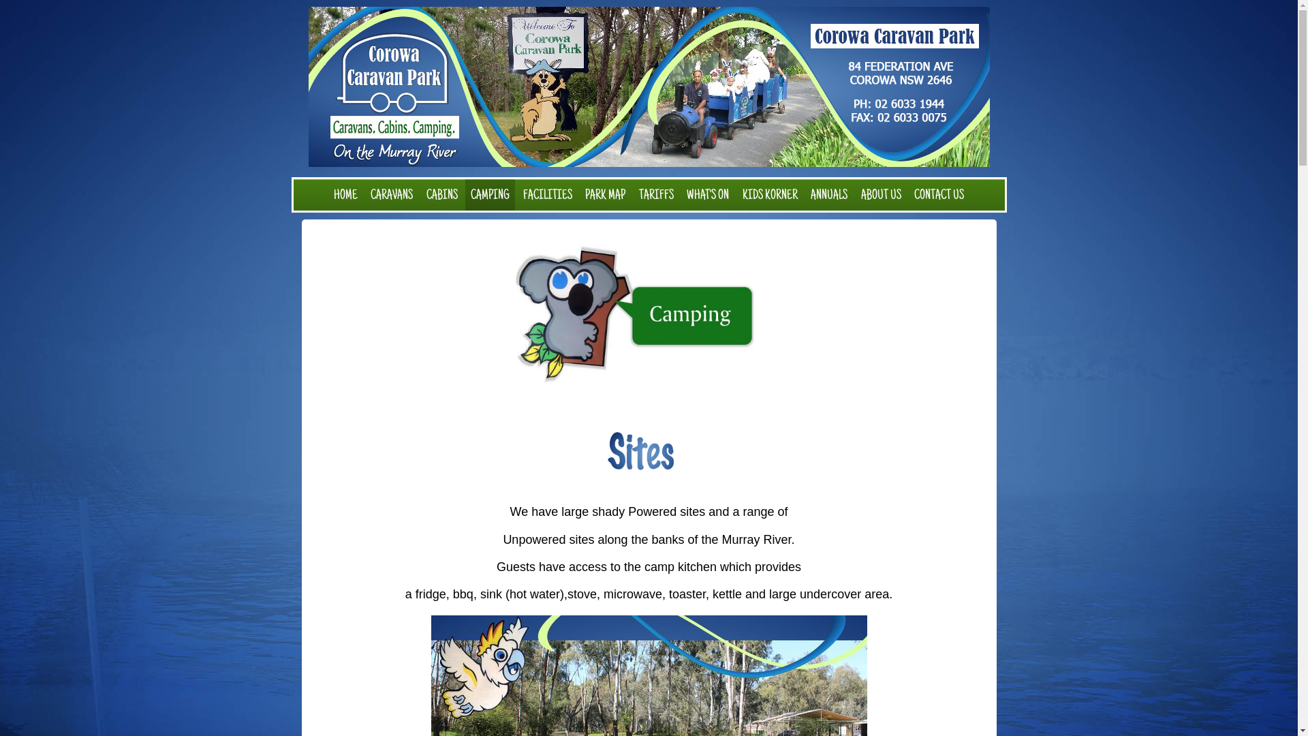 The height and width of the screenshot is (736, 1308). Describe the element at coordinates (649, 452) in the screenshot. I see `'caravanssiteswording.png - large'` at that location.